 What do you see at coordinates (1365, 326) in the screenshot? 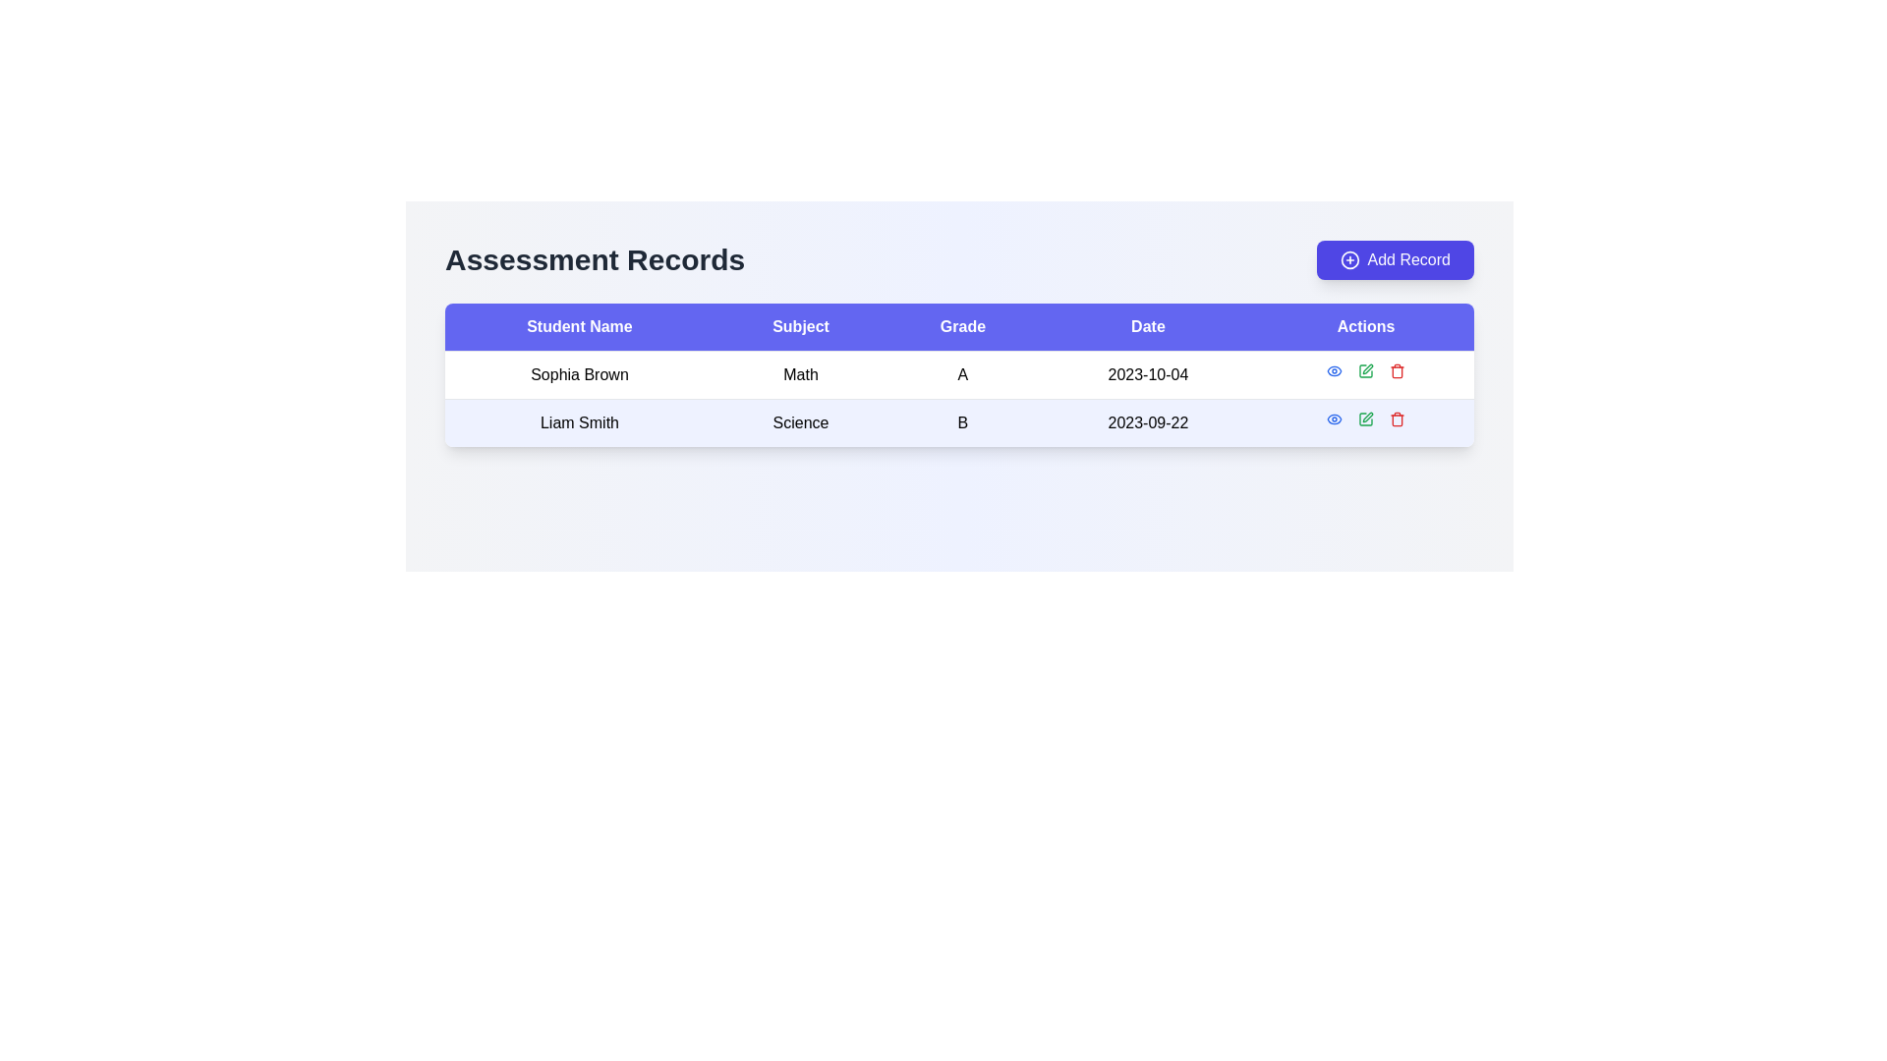
I see `the 'Actions' label, which is the last element in the header row of a table, styled with white text on a purple background` at bounding box center [1365, 326].